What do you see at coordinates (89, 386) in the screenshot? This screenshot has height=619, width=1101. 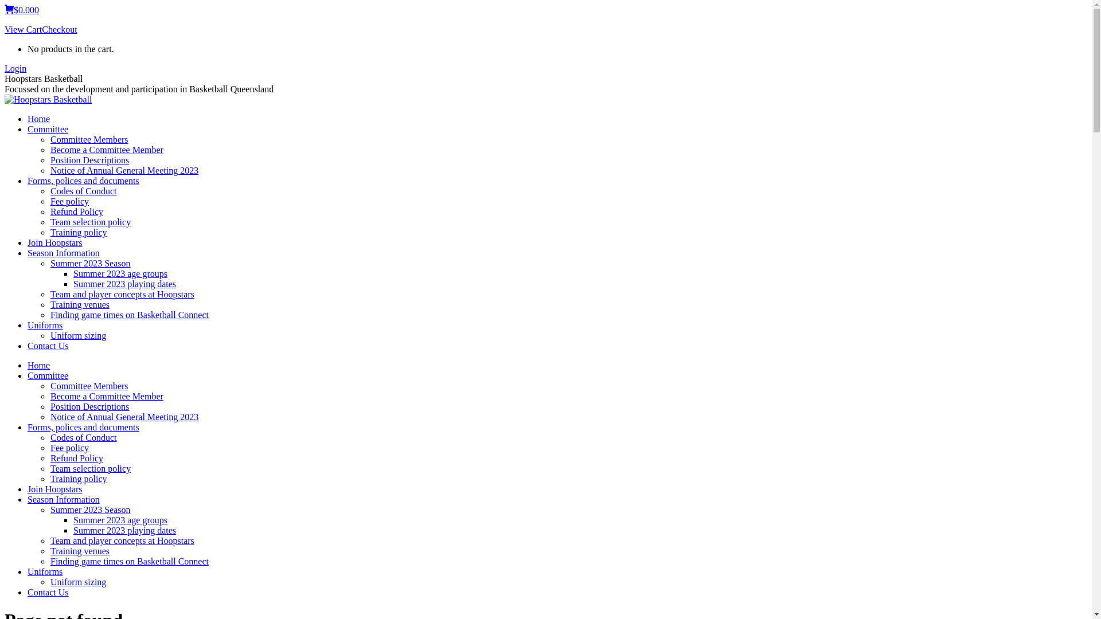 I see `'Committee Members'` at bounding box center [89, 386].